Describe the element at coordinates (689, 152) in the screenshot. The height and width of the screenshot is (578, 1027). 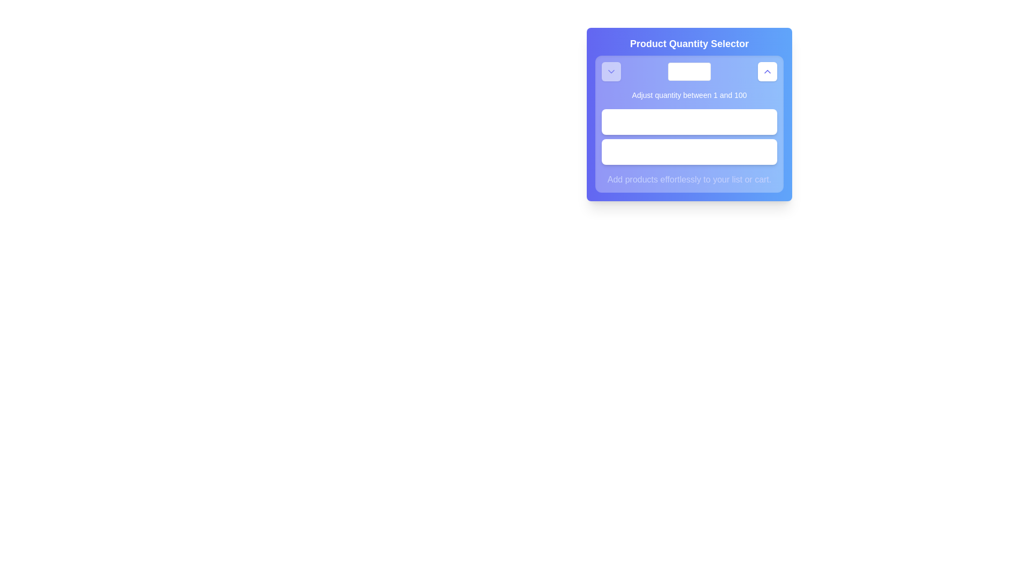
I see `the 'Add to Wishlist' button located below the 'Add to Cart' button` at that location.